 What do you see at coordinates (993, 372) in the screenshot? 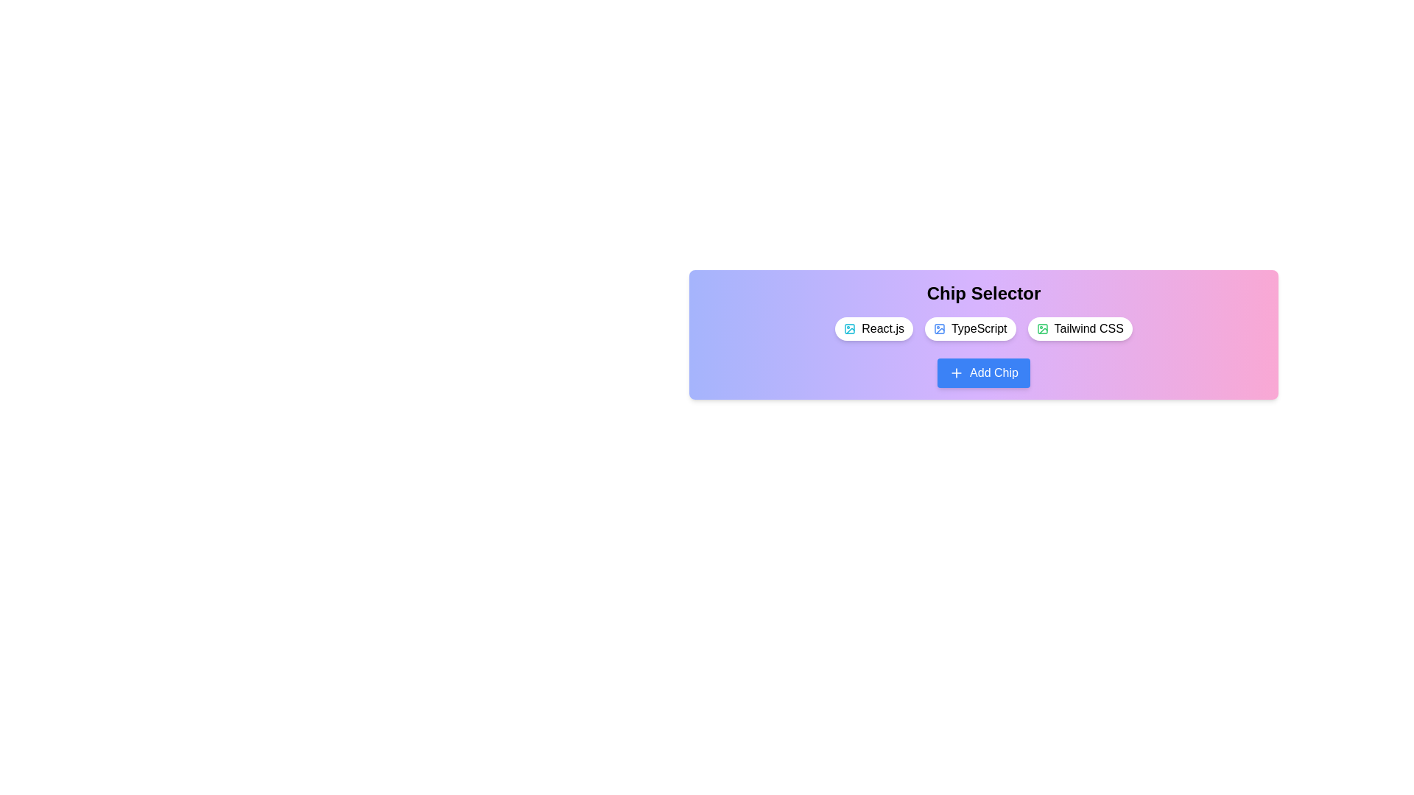
I see `the text label 'Add Chip' within the blue button, which is located near the bottom center of the gradient panel` at bounding box center [993, 372].